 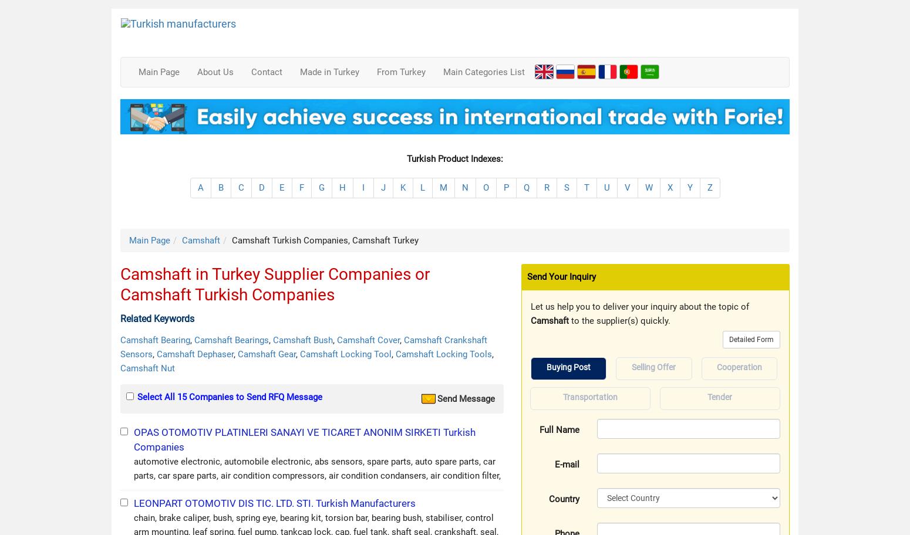 I want to click on 'Contact', so click(x=267, y=72).